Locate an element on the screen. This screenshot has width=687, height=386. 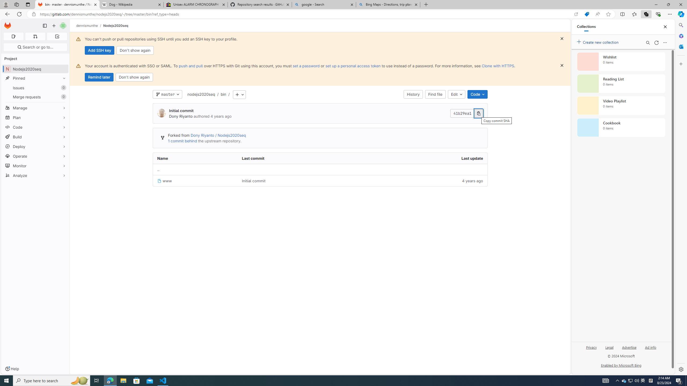
'master' is located at coordinates (167, 94).